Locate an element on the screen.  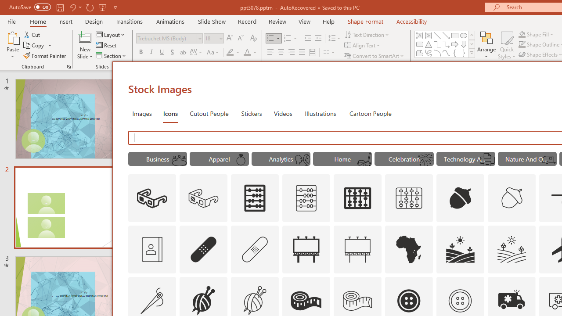
'"Nature And Outdoors" Icons.' is located at coordinates (527, 159).